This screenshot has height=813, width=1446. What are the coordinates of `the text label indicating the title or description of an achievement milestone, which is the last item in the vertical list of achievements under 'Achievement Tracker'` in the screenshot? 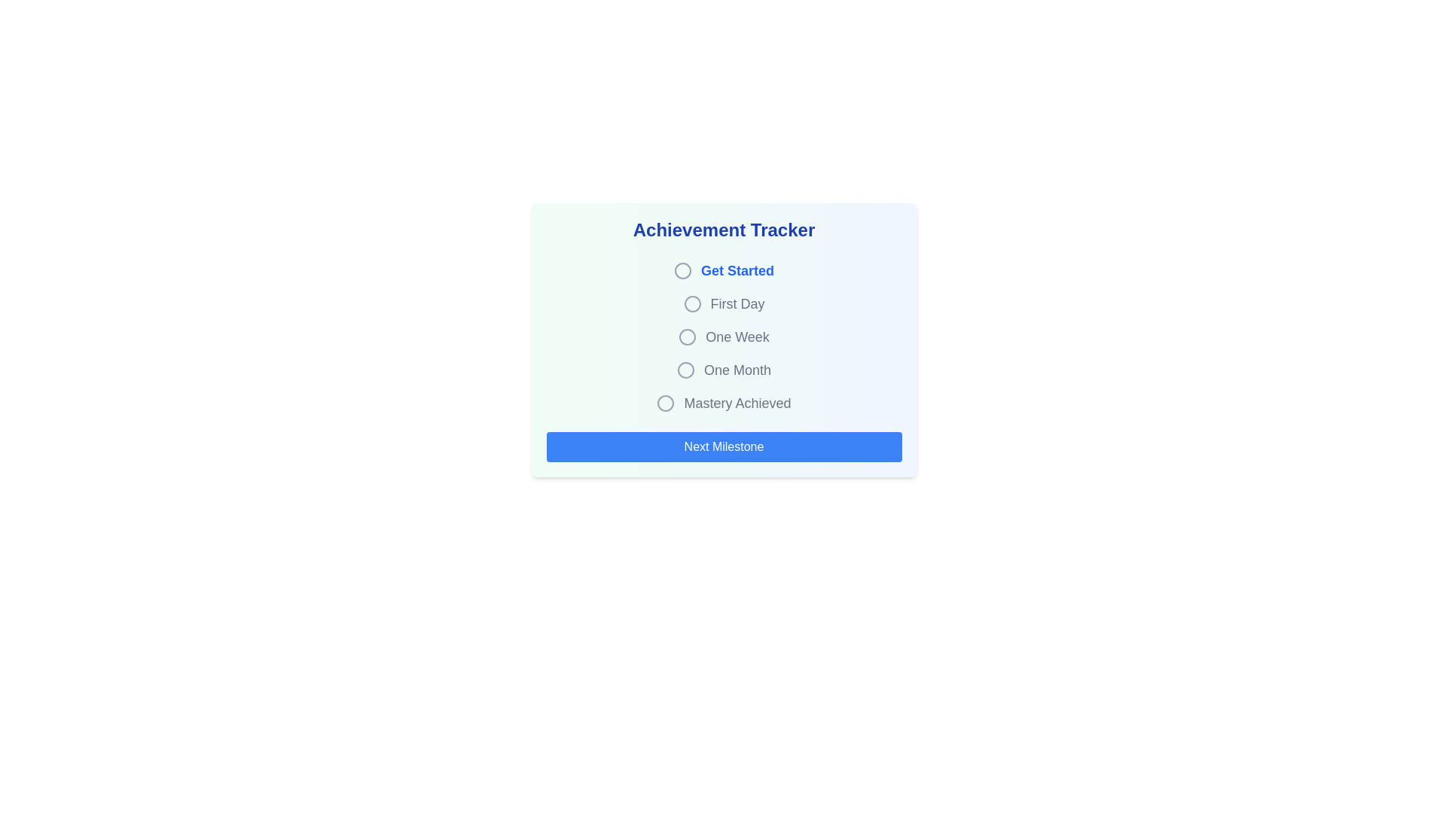 It's located at (737, 403).